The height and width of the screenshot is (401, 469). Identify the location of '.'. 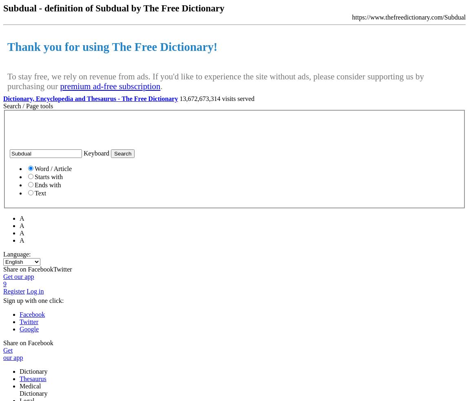
(161, 85).